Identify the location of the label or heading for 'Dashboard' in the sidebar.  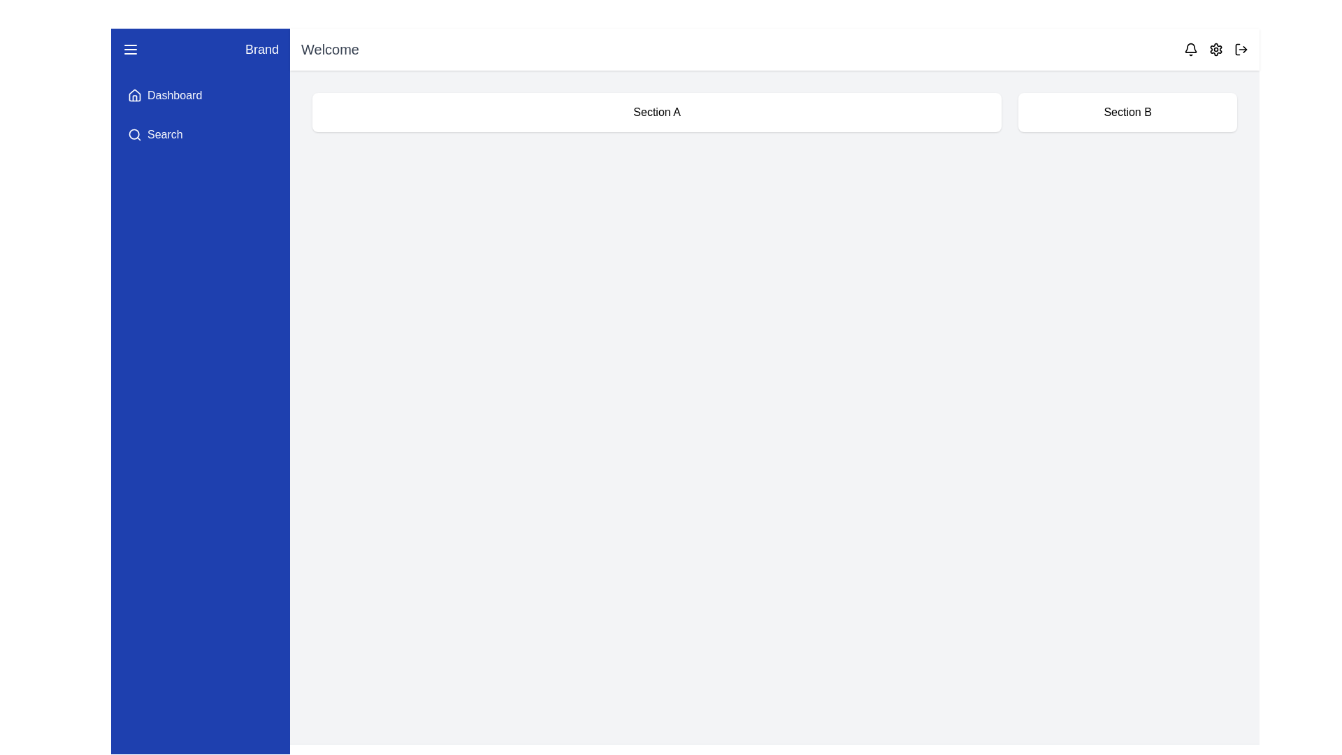
(200, 115).